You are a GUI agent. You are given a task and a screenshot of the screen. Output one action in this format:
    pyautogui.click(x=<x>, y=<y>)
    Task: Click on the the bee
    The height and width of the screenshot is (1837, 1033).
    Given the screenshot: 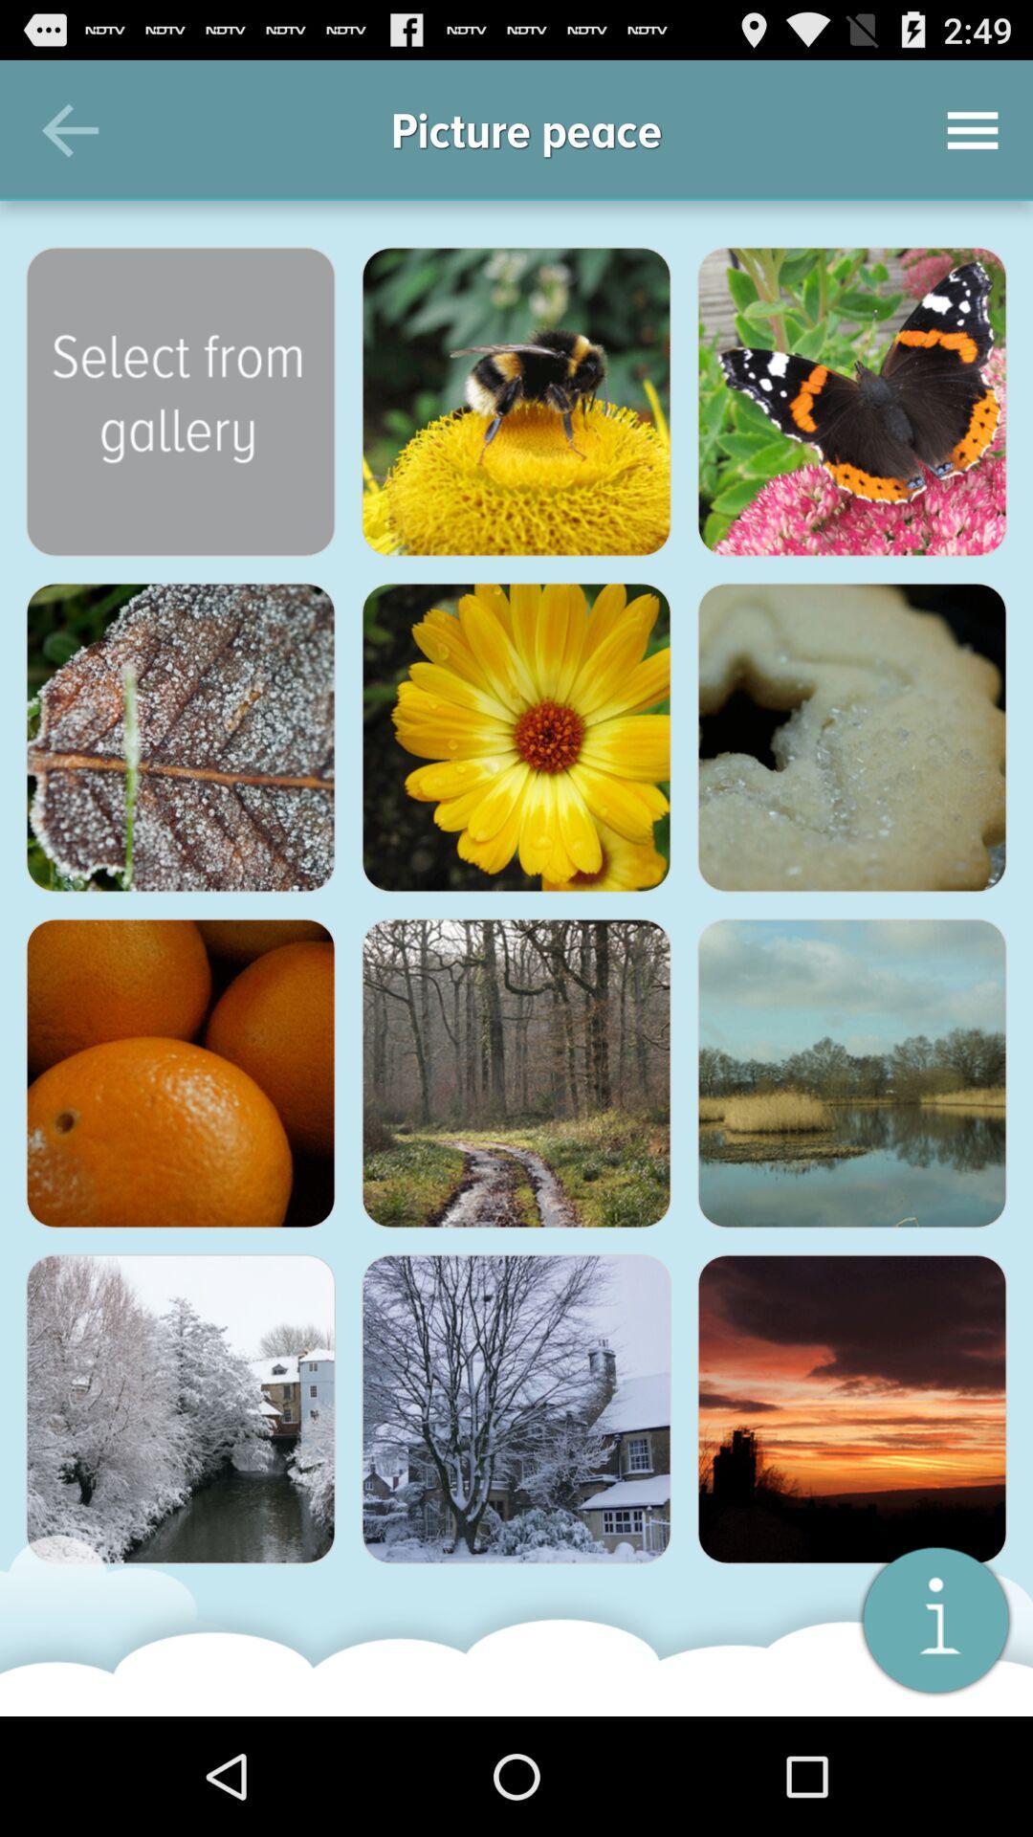 What is the action you would take?
    pyautogui.click(x=516, y=401)
    